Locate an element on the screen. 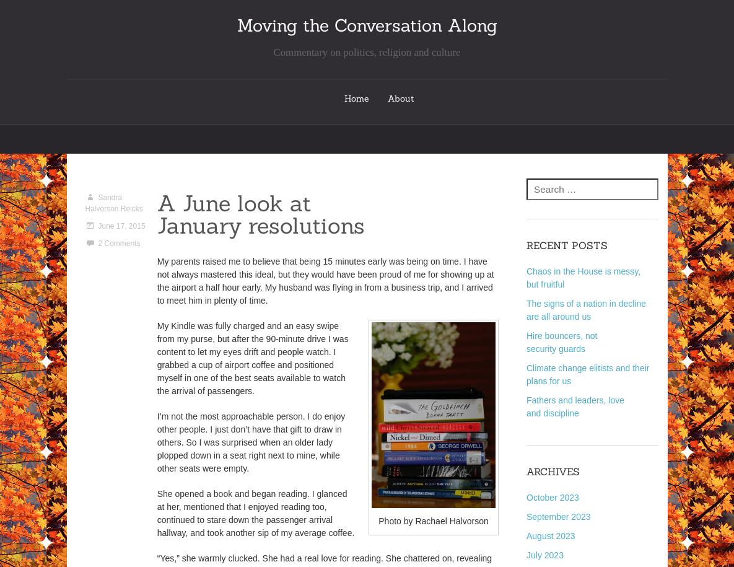  '2 Comments' is located at coordinates (118, 242).